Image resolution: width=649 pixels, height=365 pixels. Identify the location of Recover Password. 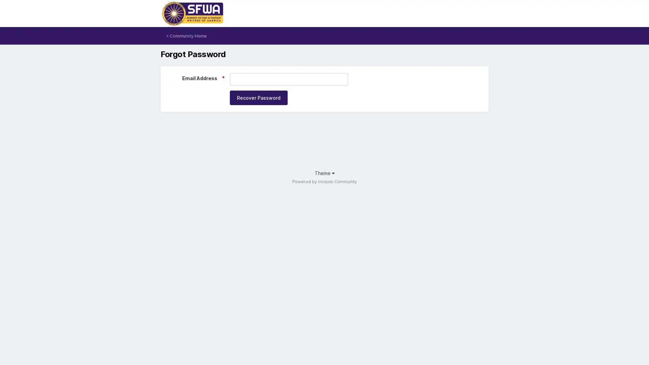
(258, 98).